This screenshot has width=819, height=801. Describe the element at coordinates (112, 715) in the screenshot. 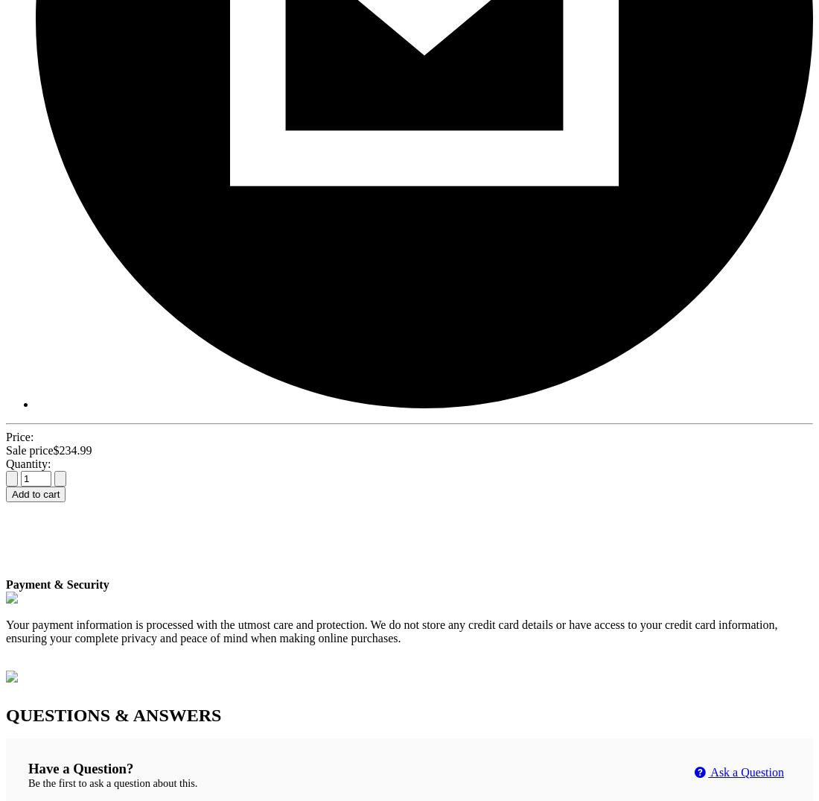

I see `'QUESTIONS & ANSWERS'` at that location.